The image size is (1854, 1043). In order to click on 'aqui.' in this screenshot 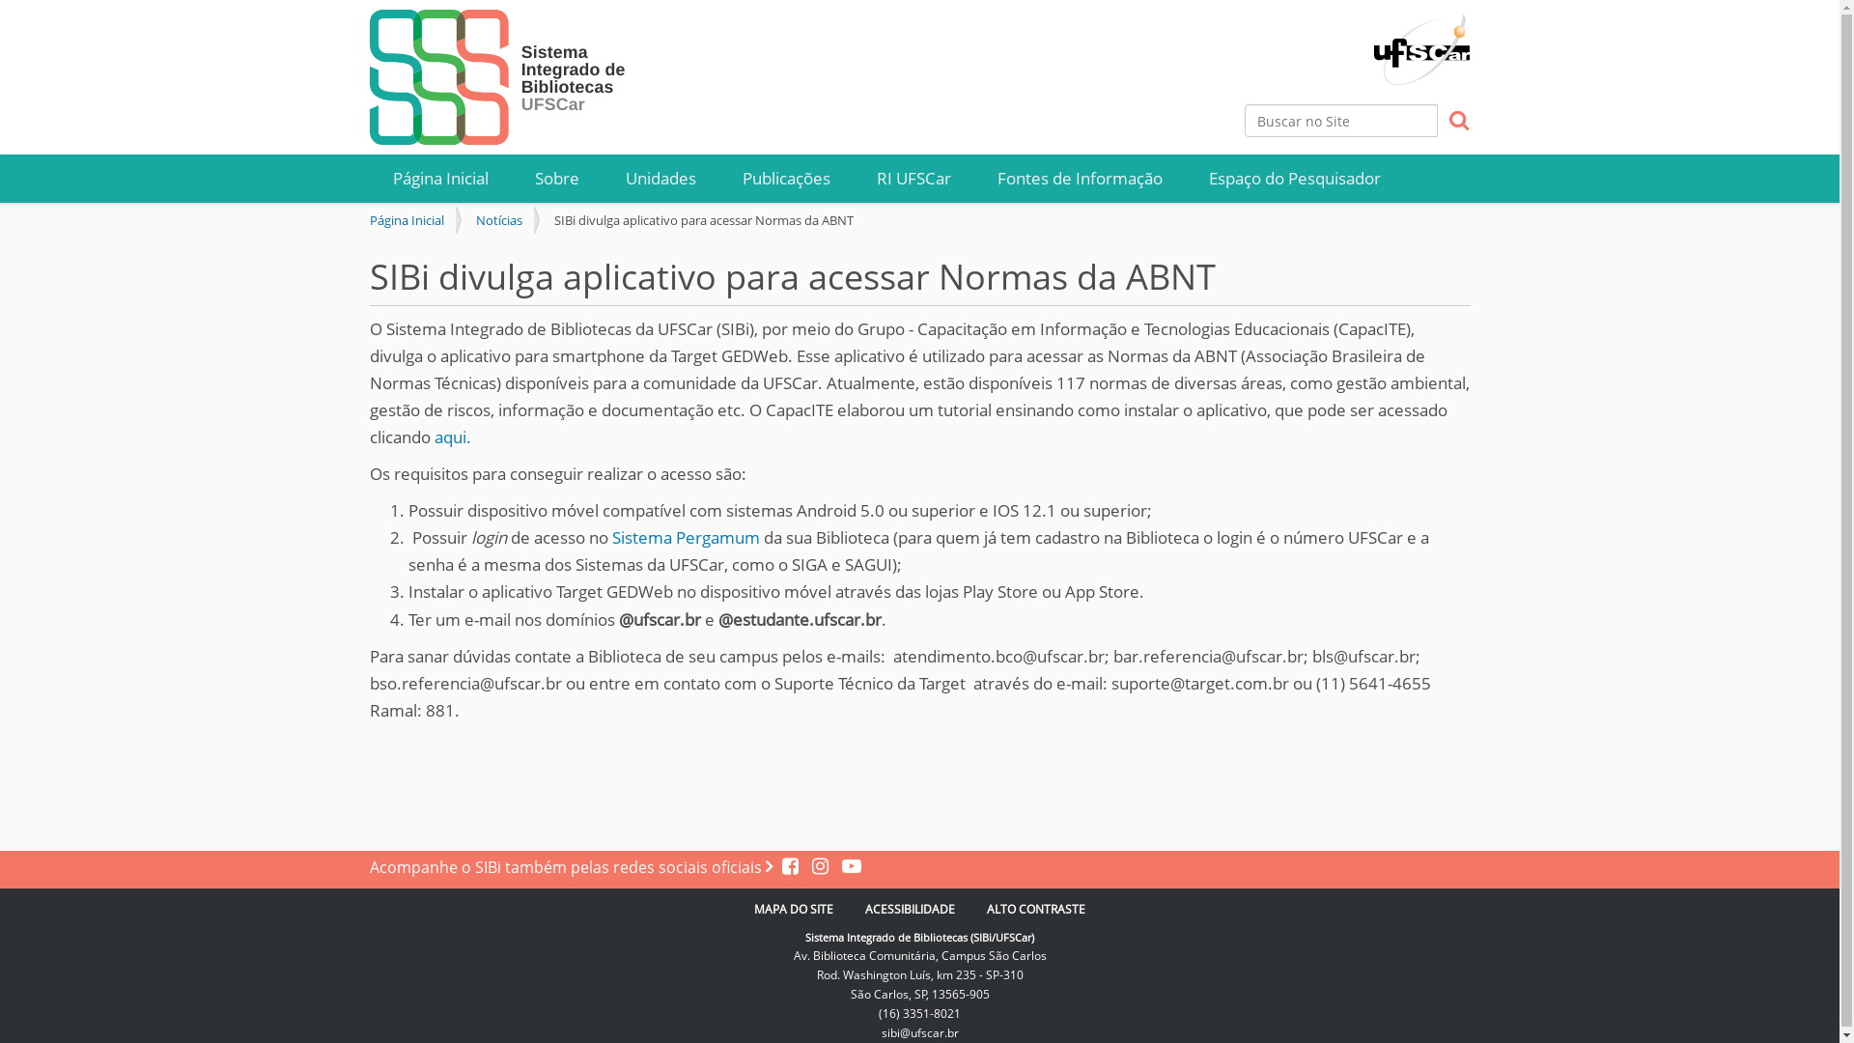, I will do `click(434, 437)`.